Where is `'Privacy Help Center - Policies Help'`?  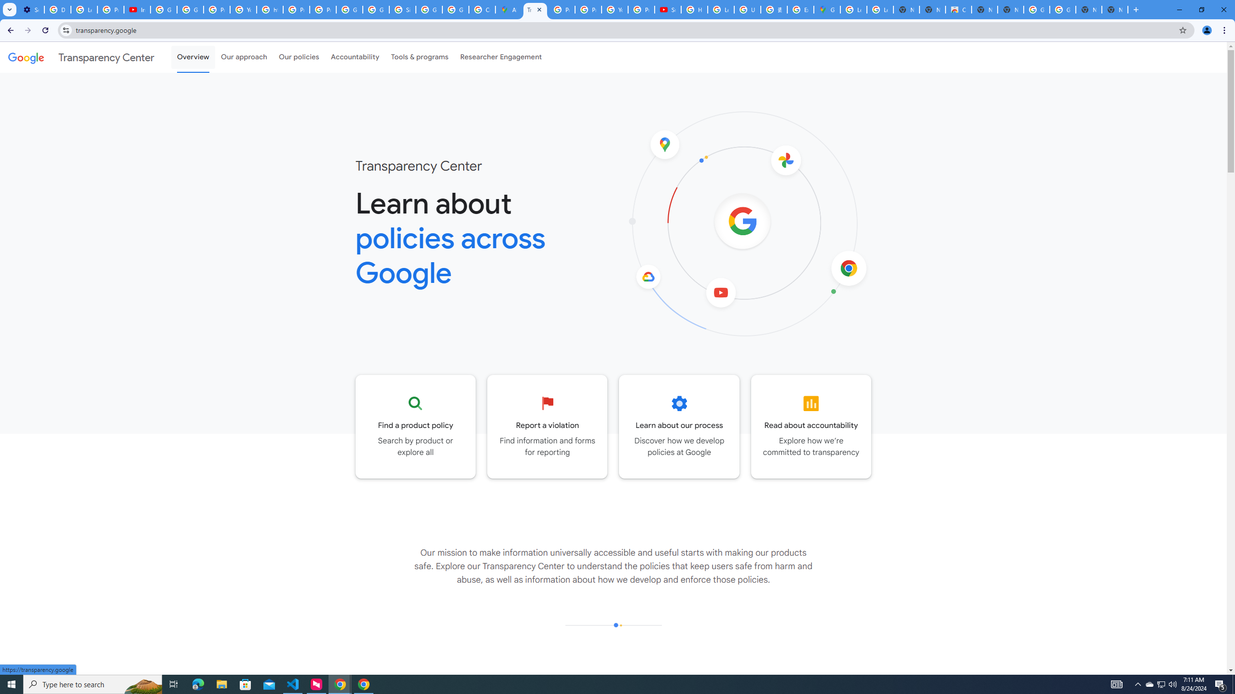 'Privacy Help Center - Policies Help' is located at coordinates (588, 9).